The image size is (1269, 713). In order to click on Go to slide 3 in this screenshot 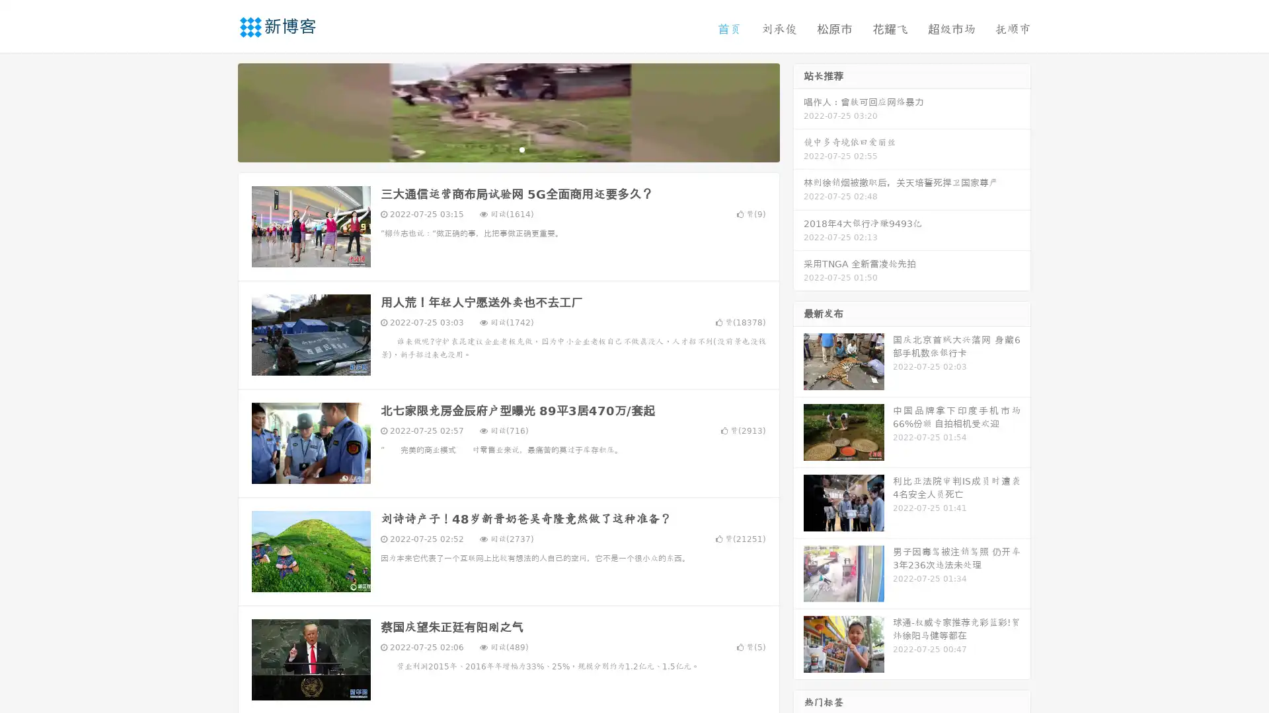, I will do `click(521, 149)`.